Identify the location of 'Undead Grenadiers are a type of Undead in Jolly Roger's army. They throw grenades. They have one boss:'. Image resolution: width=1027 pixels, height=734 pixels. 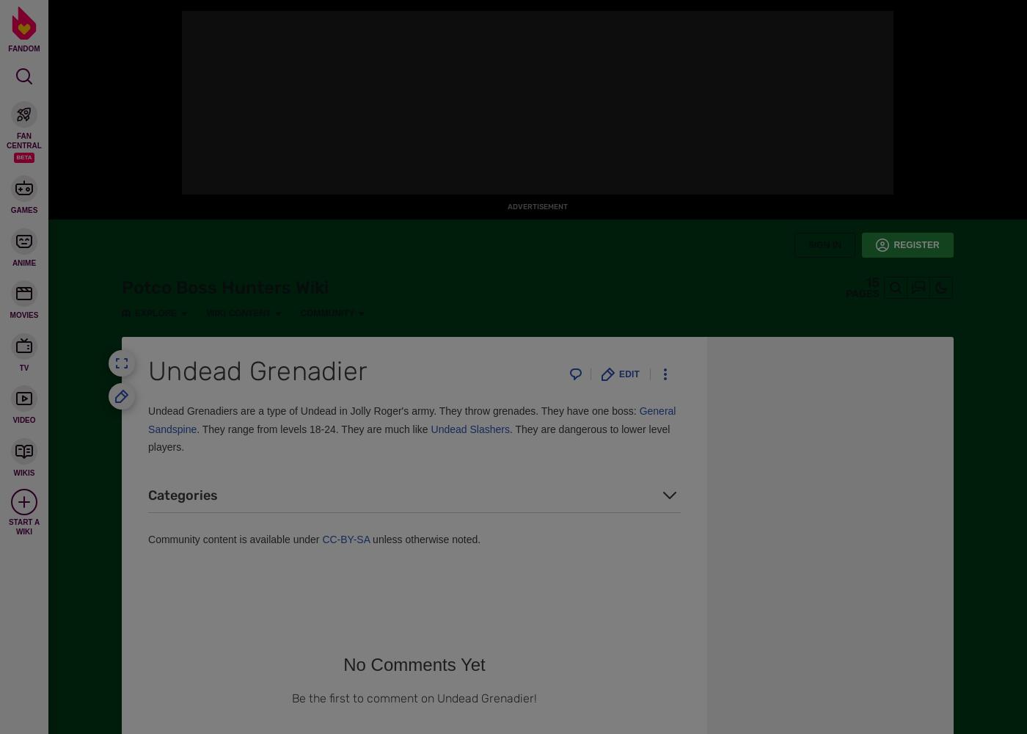
(393, 411).